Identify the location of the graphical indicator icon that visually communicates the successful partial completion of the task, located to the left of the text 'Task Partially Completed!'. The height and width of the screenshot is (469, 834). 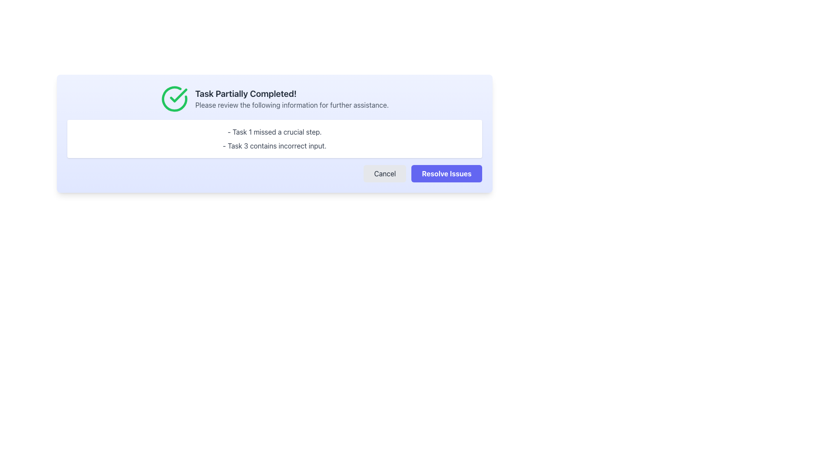
(174, 98).